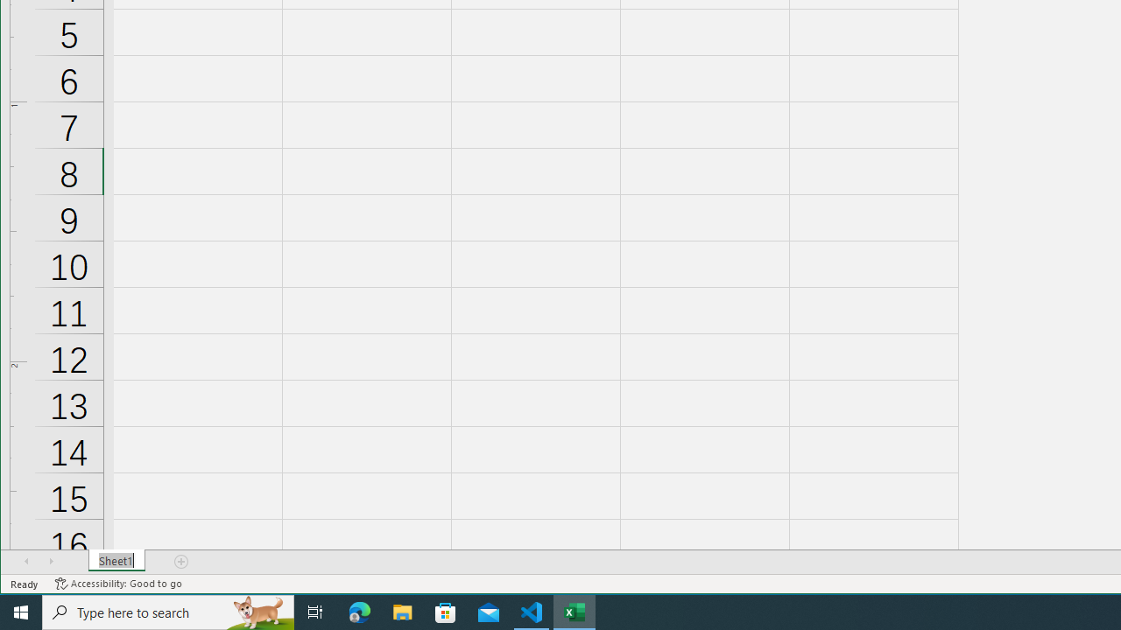  I want to click on 'Search highlights icon opens search home window', so click(257, 611).